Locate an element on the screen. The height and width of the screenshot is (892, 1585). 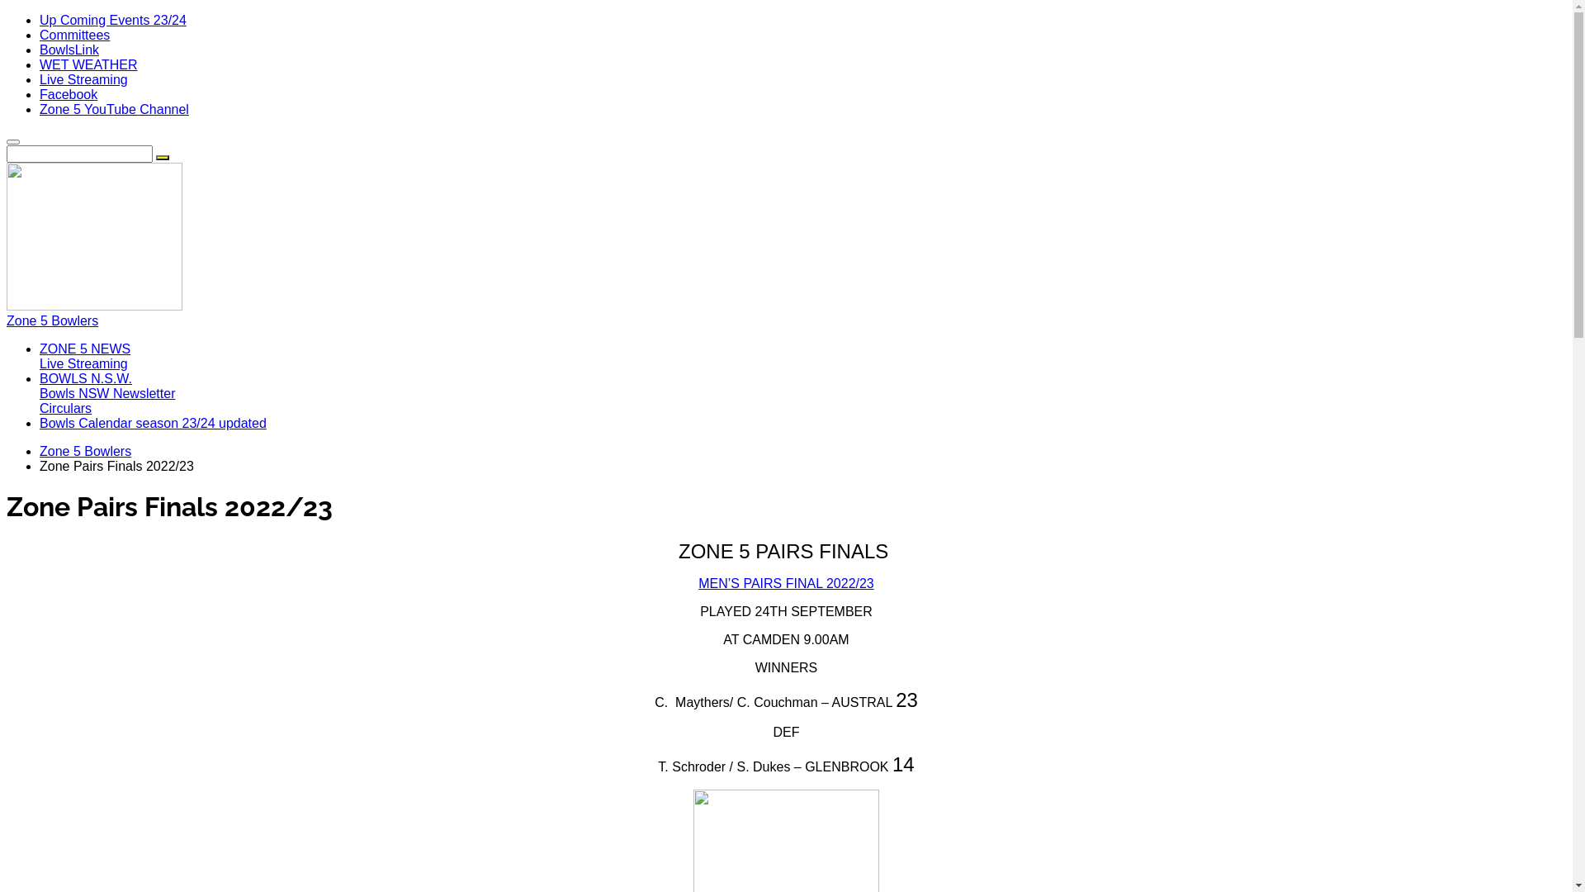
'ZONE 5 NEWS' is located at coordinates (83, 348).